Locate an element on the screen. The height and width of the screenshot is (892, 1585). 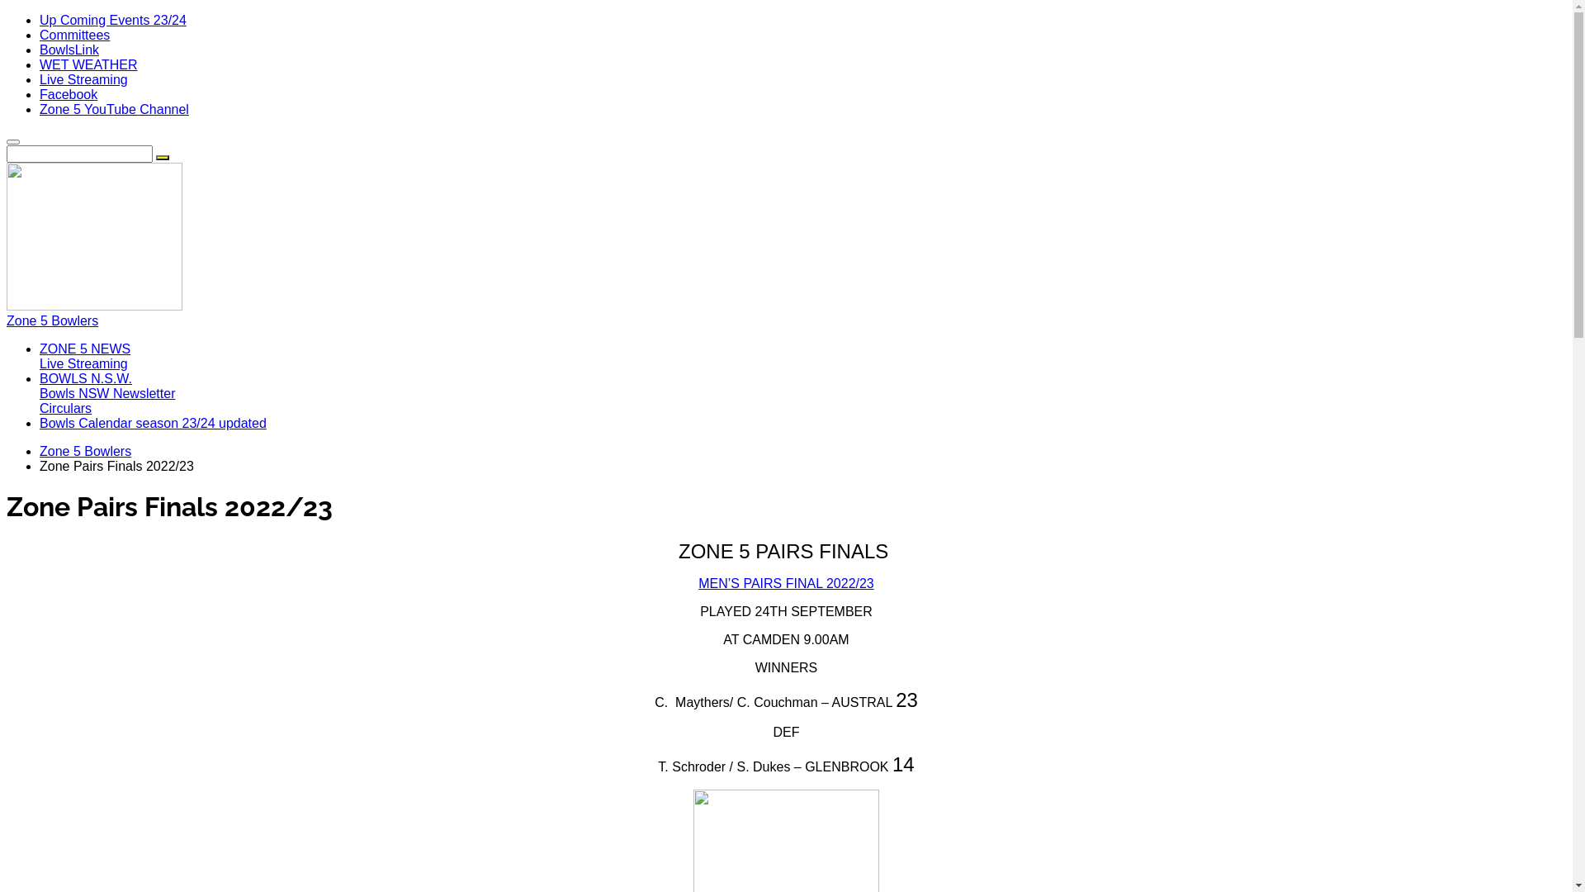
'ZONE 5 NEWS' is located at coordinates (83, 348).